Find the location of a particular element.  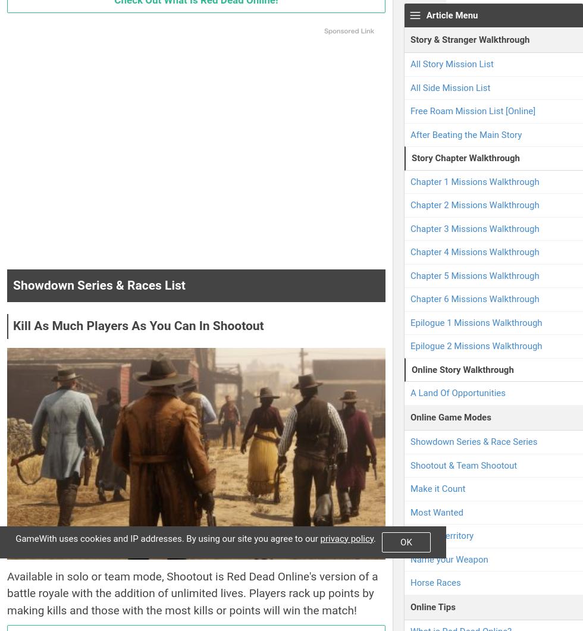

'Chapter 5 Missions Walkthrough' is located at coordinates (410, 275).